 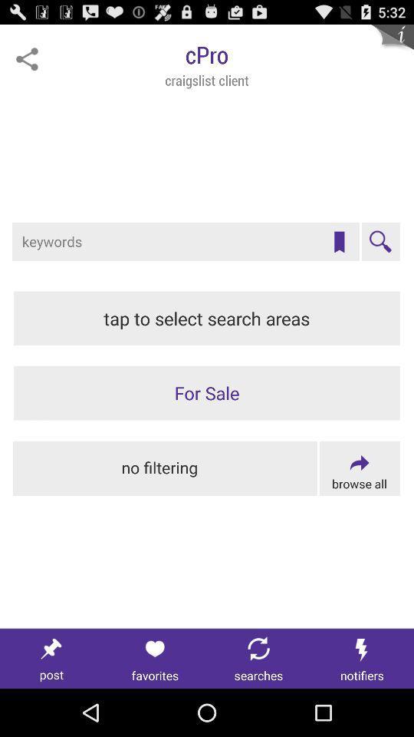 What do you see at coordinates (258, 658) in the screenshot?
I see `refresh searches` at bounding box center [258, 658].